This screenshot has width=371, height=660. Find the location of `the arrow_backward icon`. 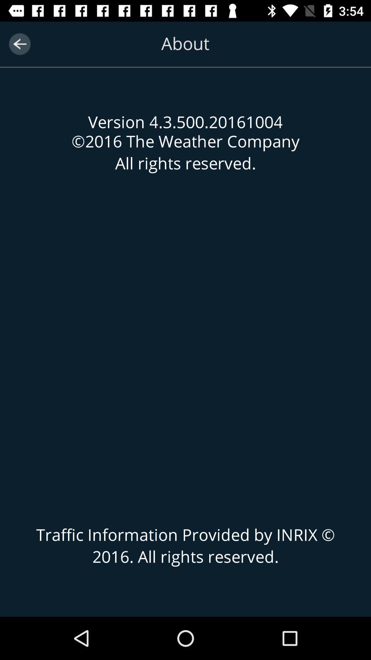

the arrow_backward icon is located at coordinates (19, 44).